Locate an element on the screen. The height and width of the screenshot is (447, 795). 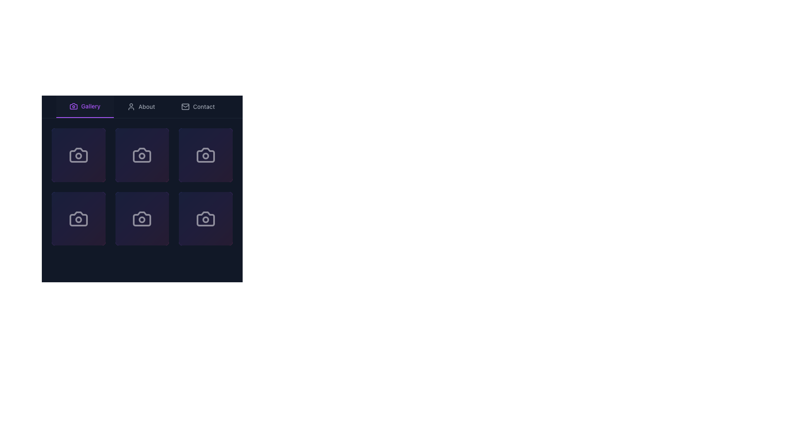
the camera icon located in the first row and second column of the grid by clicking on its center, which is highlighted by the iconic indicator inside the circular UI component is located at coordinates (142, 156).